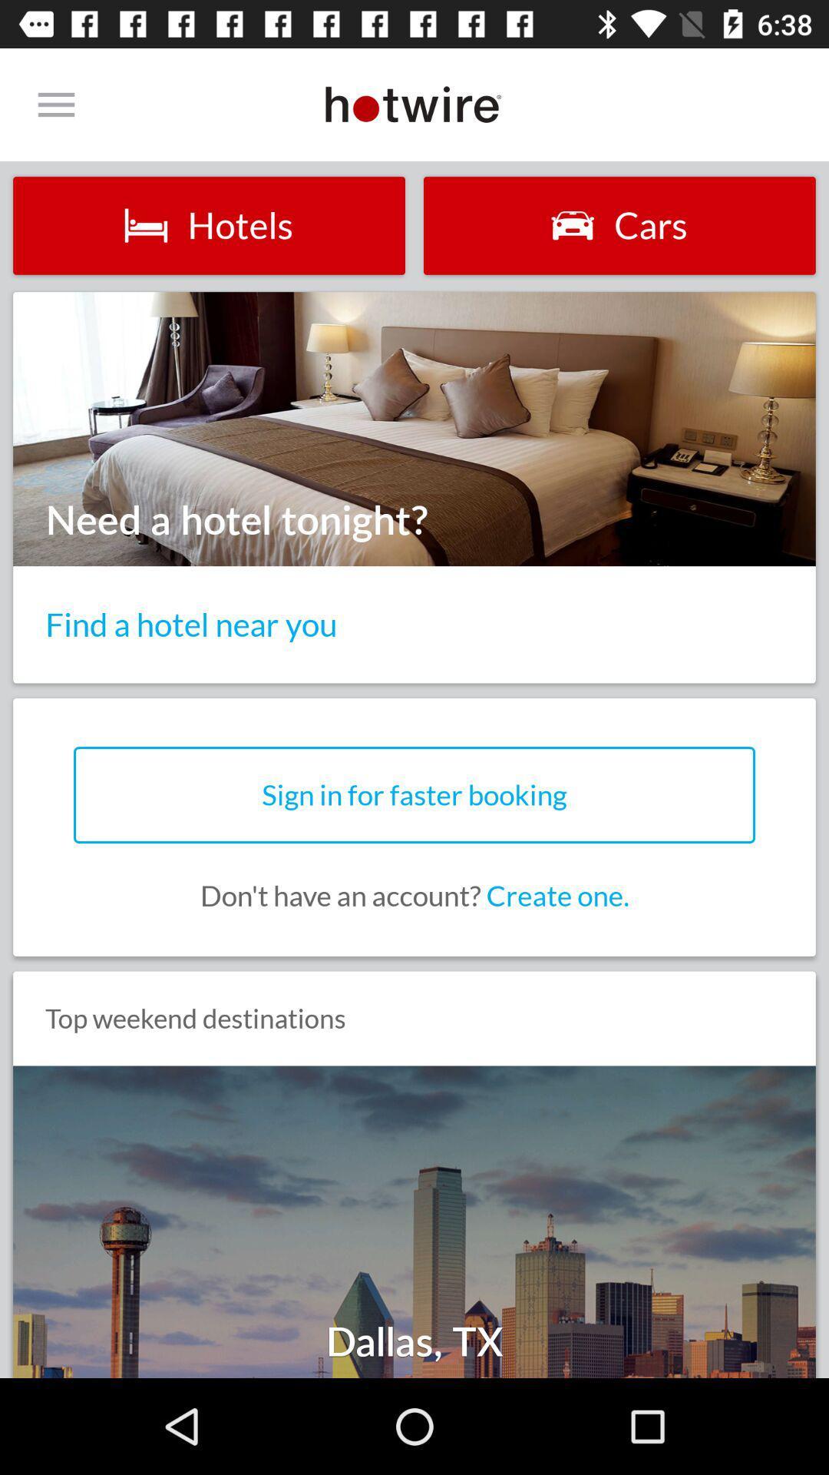 This screenshot has width=829, height=1475. Describe the element at coordinates (414, 896) in the screenshot. I see `don t have icon` at that location.